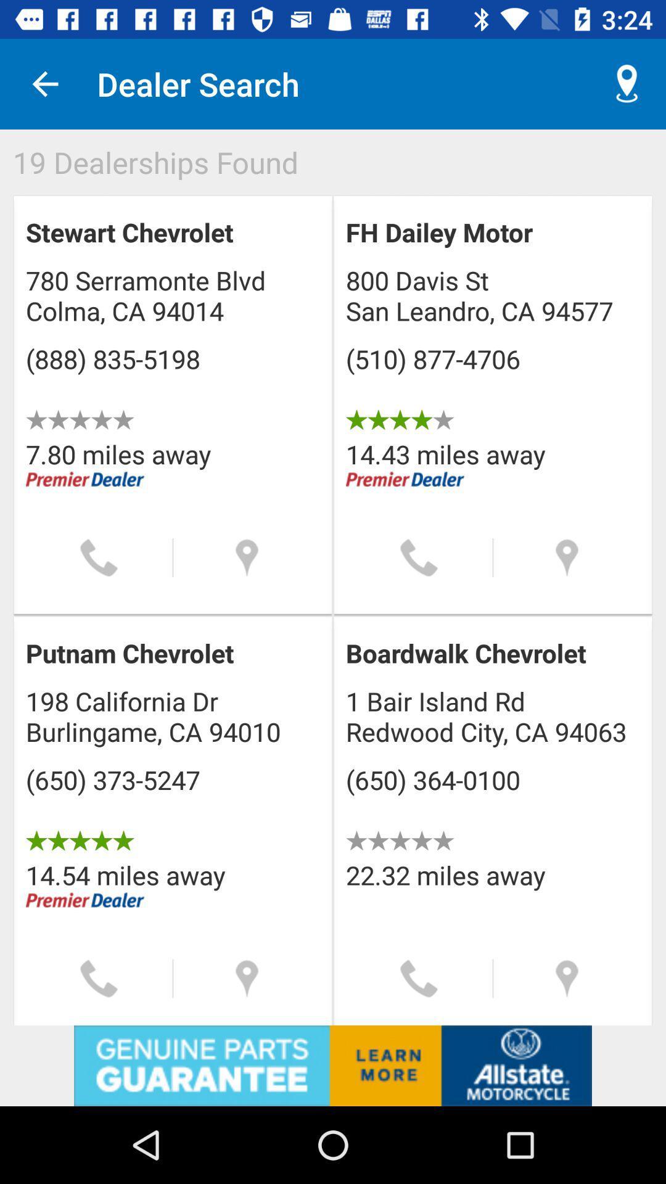 The image size is (666, 1184). I want to click on call, so click(98, 978).